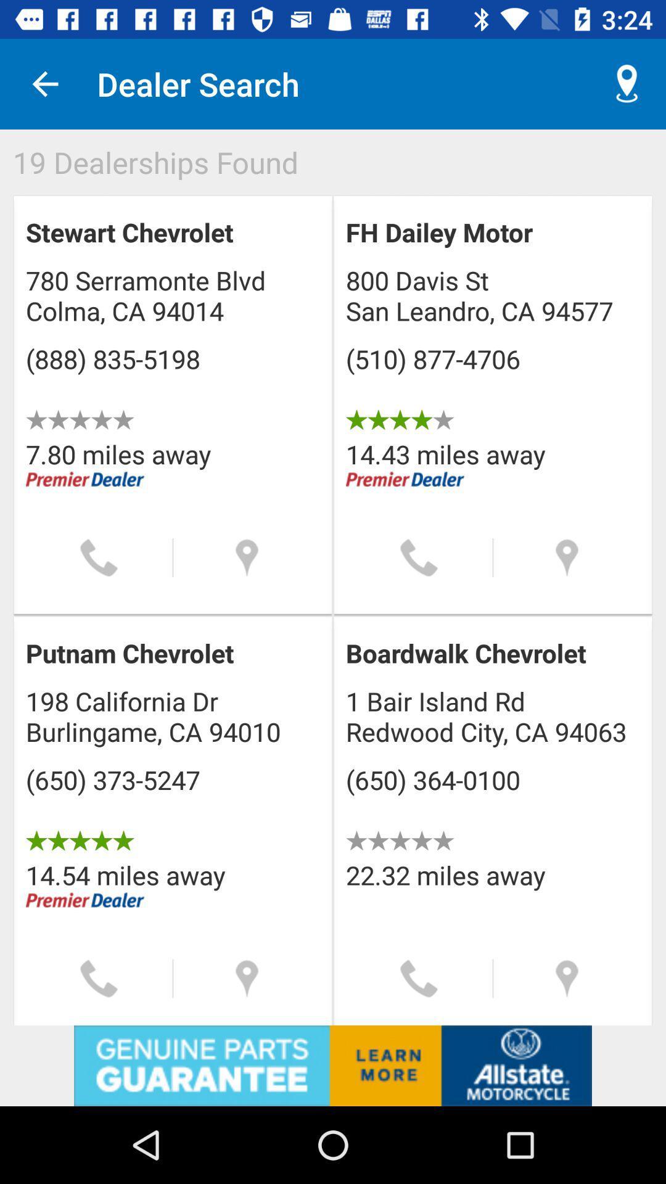 The image size is (666, 1184). I want to click on call, so click(98, 978).